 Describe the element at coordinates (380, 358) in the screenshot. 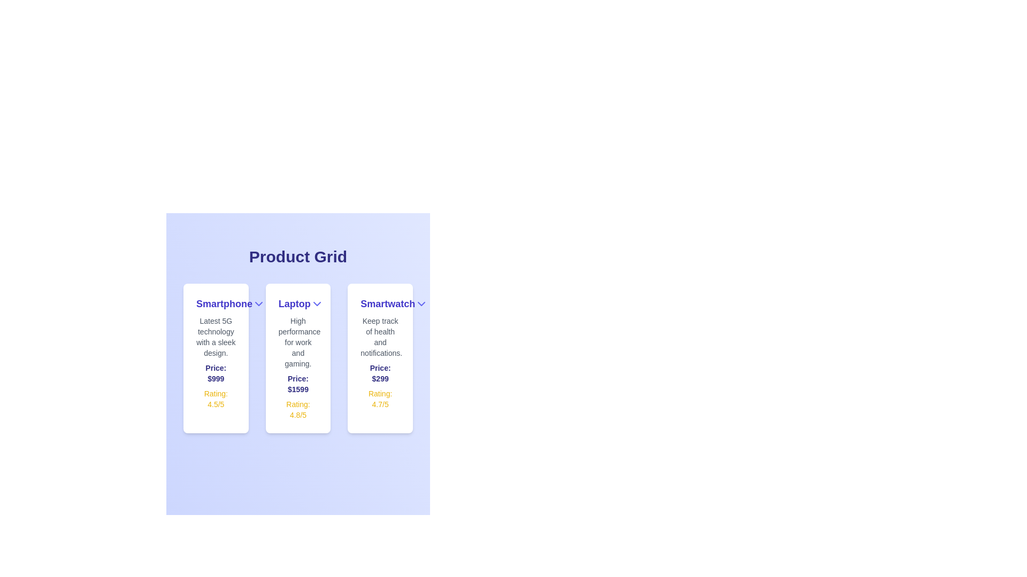

I see `the product card featuring the Smartwatch, which has a white background, rounded corners, and displays the title 'Smartwatch' in bold indigo text, located in the rightmost position of the grid layout` at that location.